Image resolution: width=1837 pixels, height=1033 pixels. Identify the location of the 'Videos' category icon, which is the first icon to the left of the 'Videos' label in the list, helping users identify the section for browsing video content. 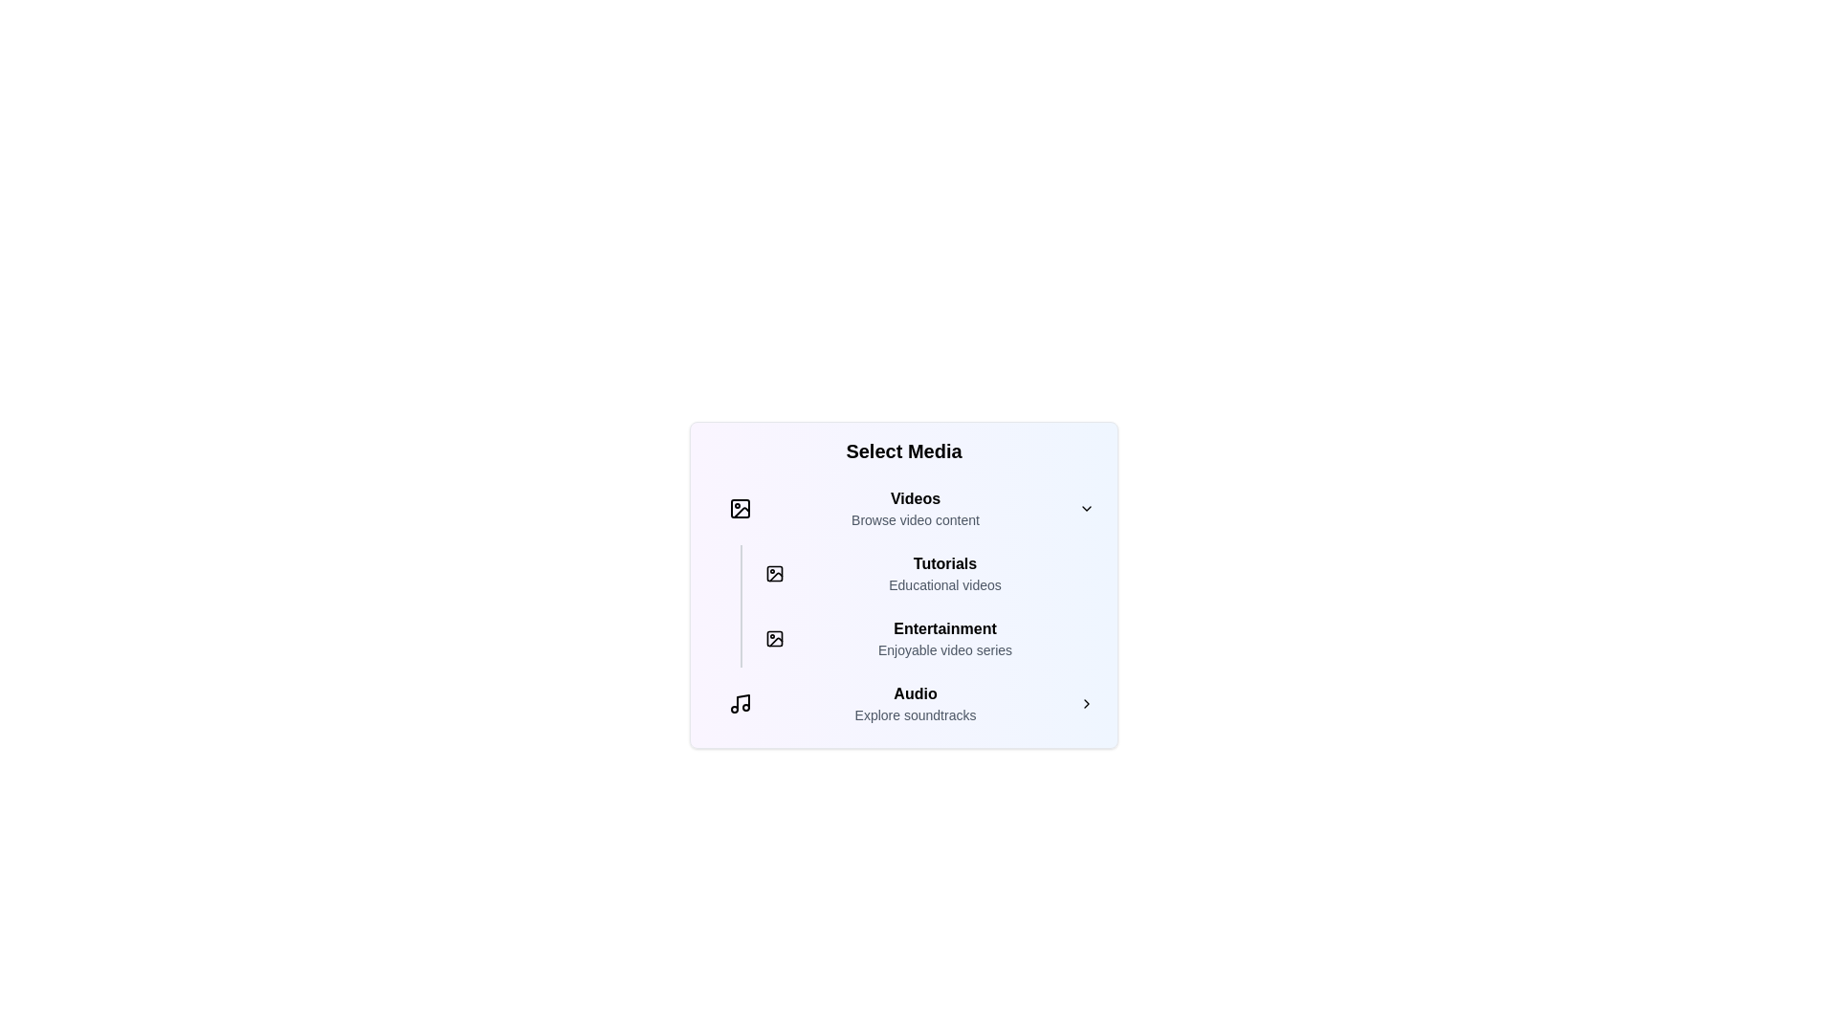
(739, 508).